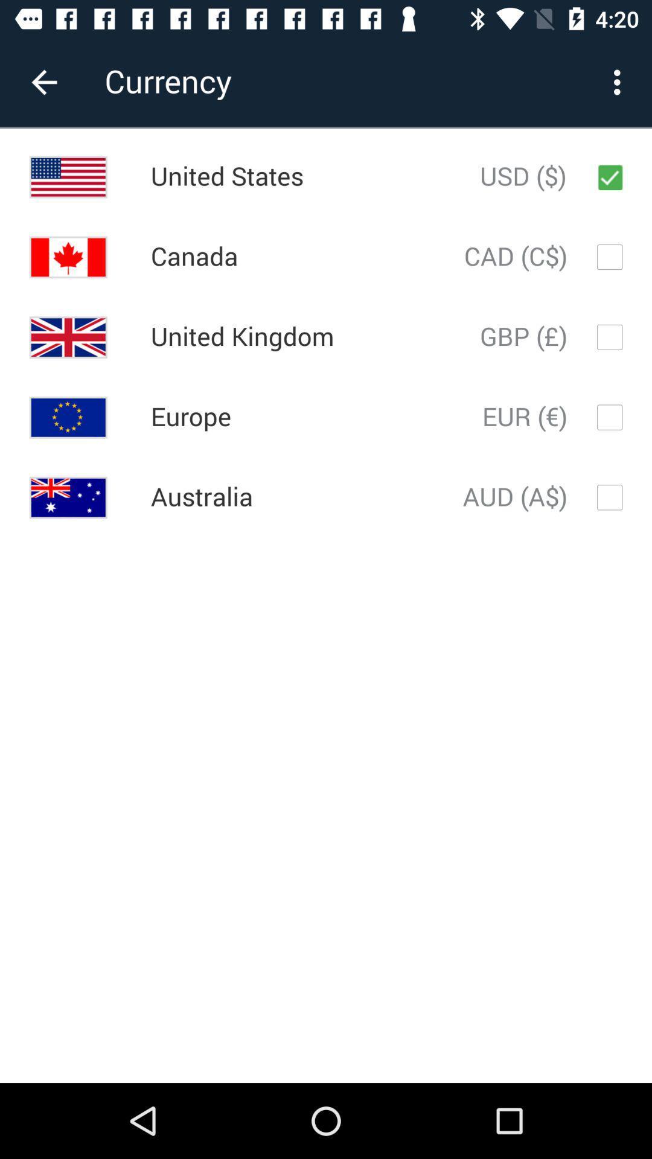 The image size is (652, 1159). Describe the element at coordinates (43, 81) in the screenshot. I see `icon next to currency` at that location.